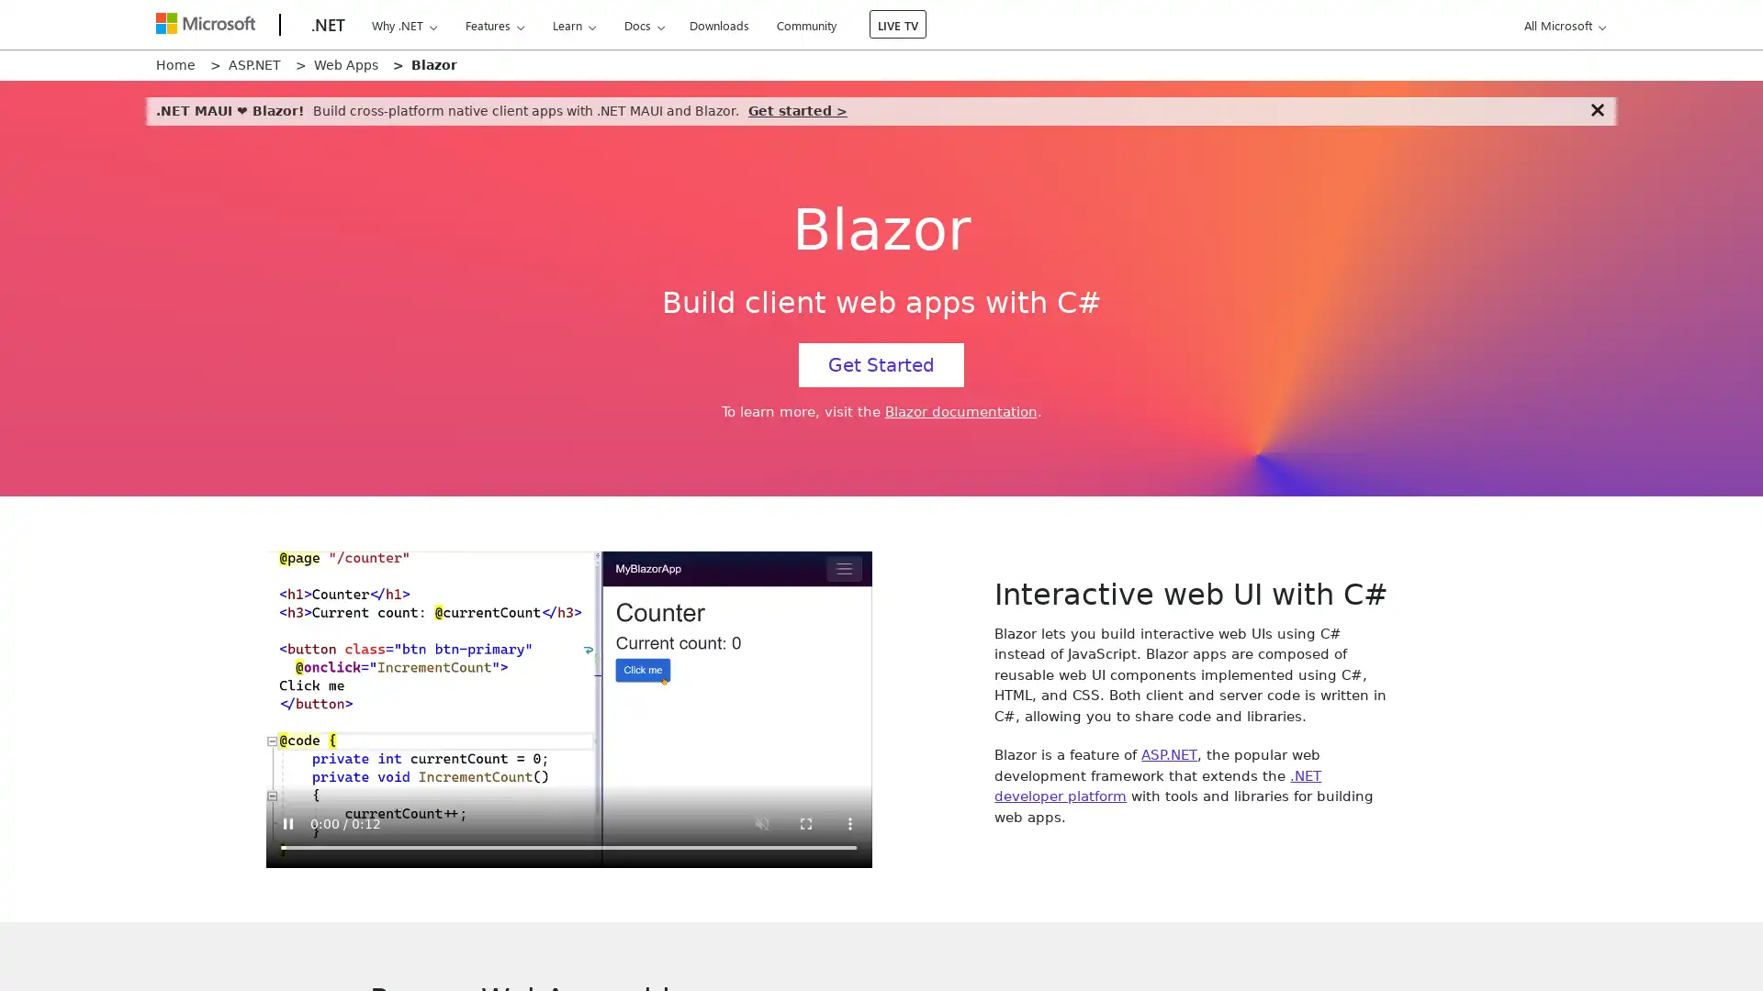 The image size is (1763, 991). I want to click on Why .NET, so click(403, 25).